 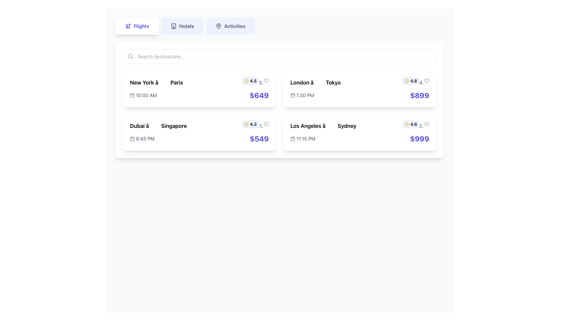 What do you see at coordinates (426, 81) in the screenshot?
I see `the small circular button with a heart icon located in the upper-right corner of the flight information card from its current position` at bounding box center [426, 81].